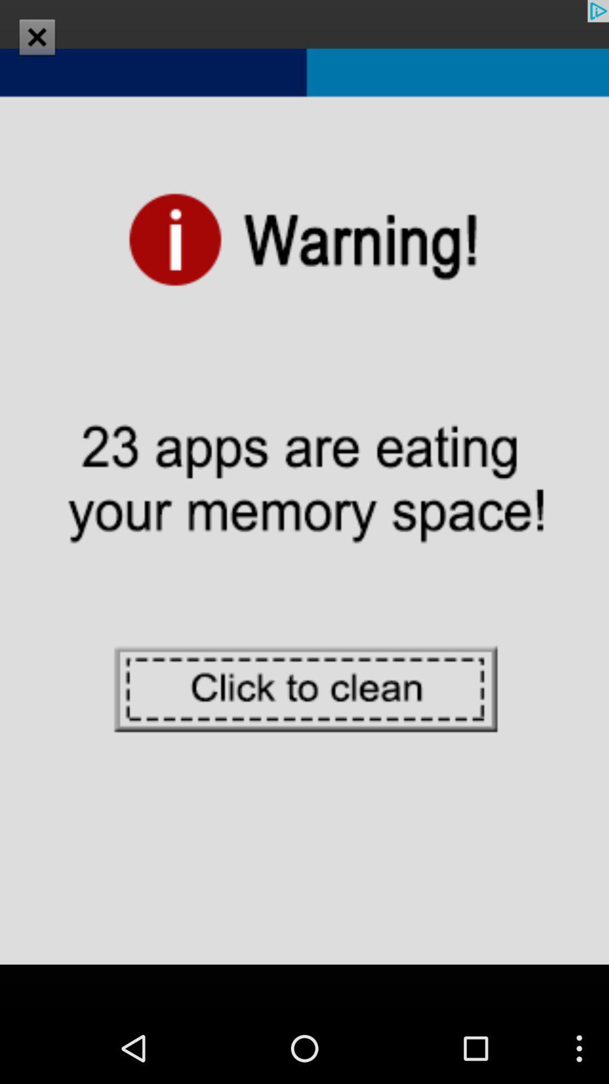 Image resolution: width=609 pixels, height=1084 pixels. What do you see at coordinates (36, 40) in the screenshot?
I see `the close icon` at bounding box center [36, 40].